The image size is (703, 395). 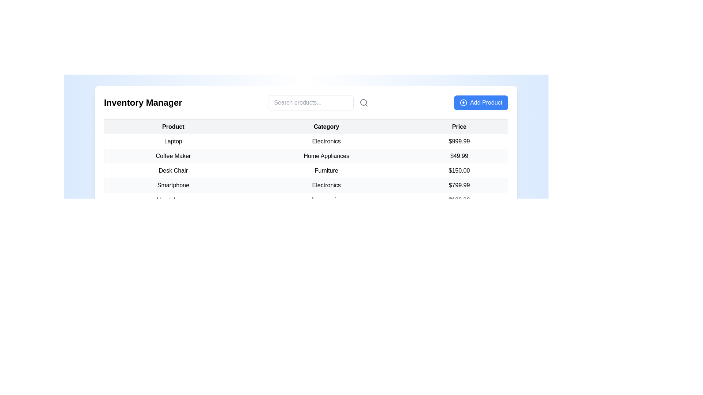 I want to click on the fourth row of the product inventory table that contains the details of the 'Smartphone', so click(x=306, y=185).